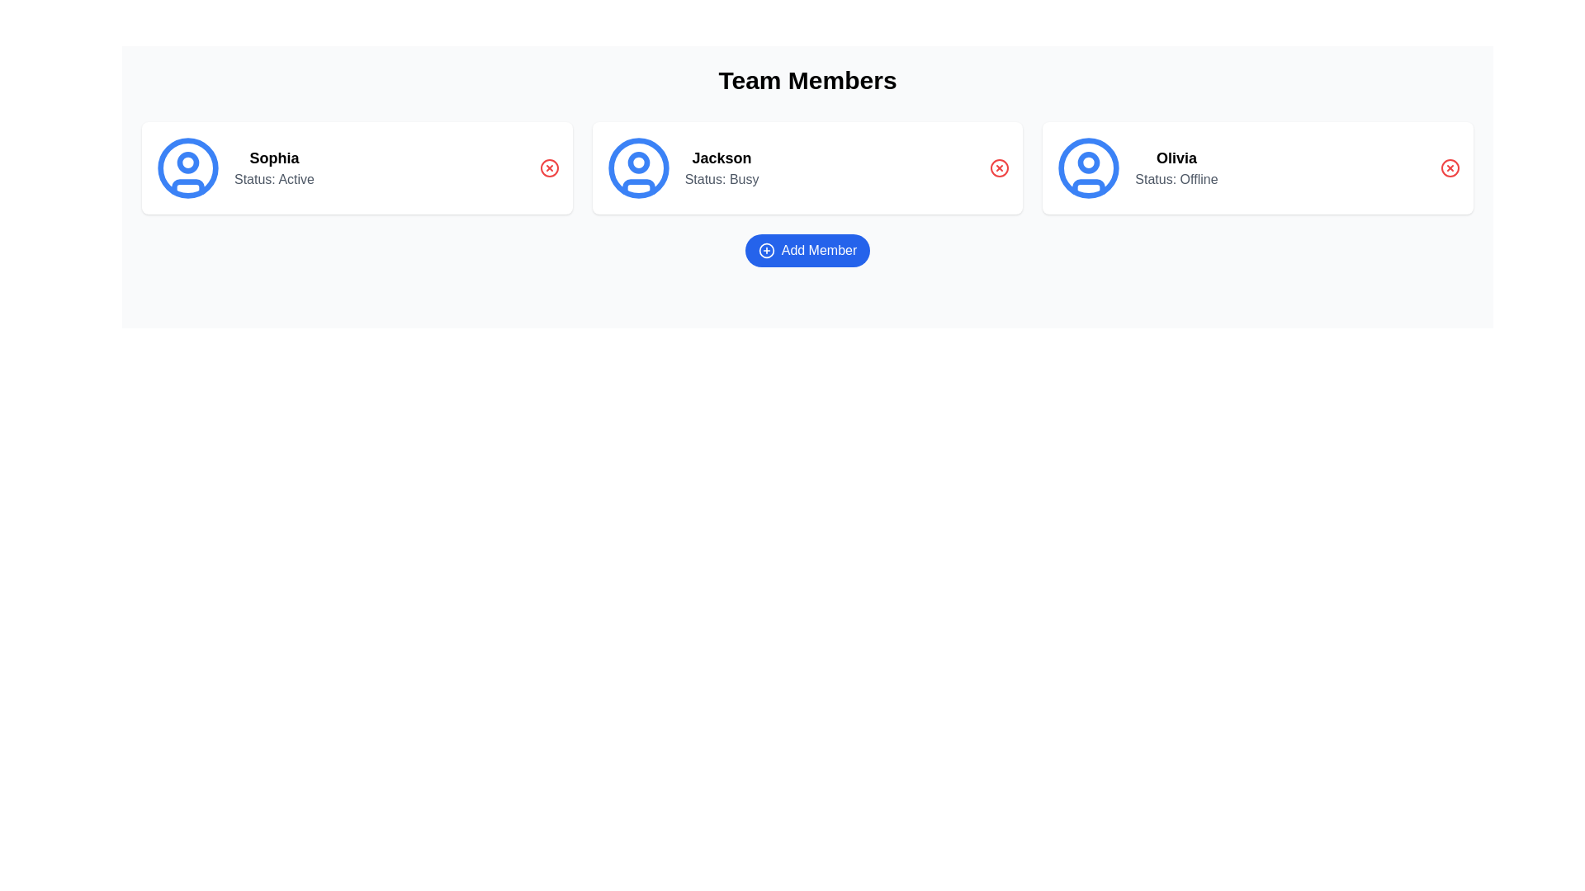 The width and height of the screenshot is (1585, 891). I want to click on the static text element that serves as the name identifier for a user in the third user profile card under the 'Team Members' section, so click(1176, 158).